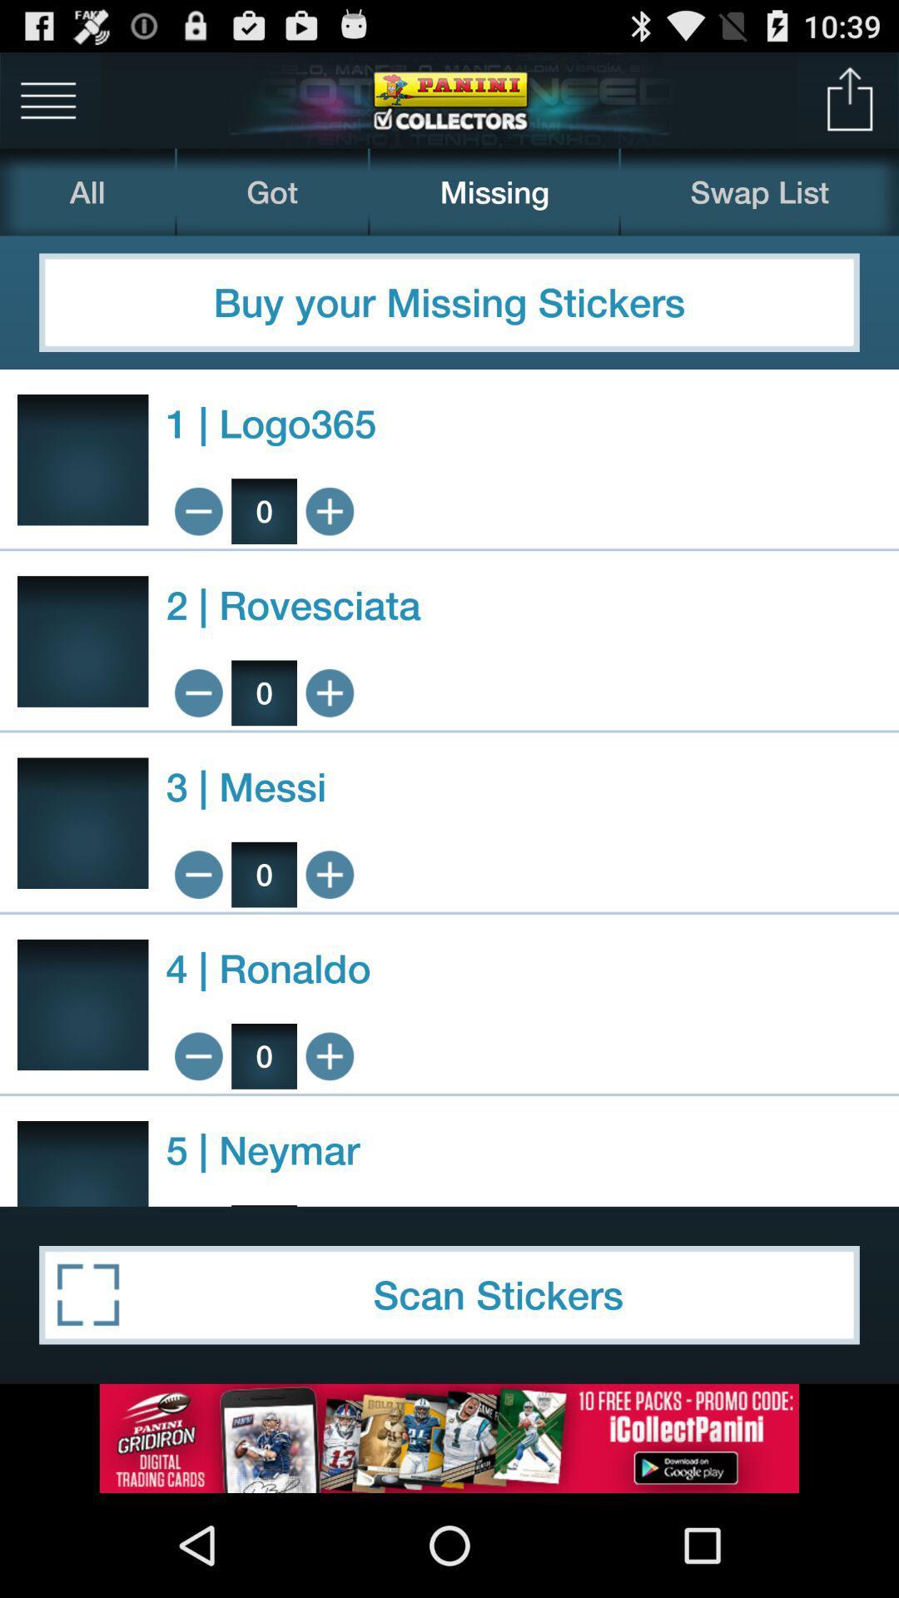 Image resolution: width=899 pixels, height=1598 pixels. Describe the element at coordinates (197, 1055) in the screenshot. I see `to less the added order by 1` at that location.